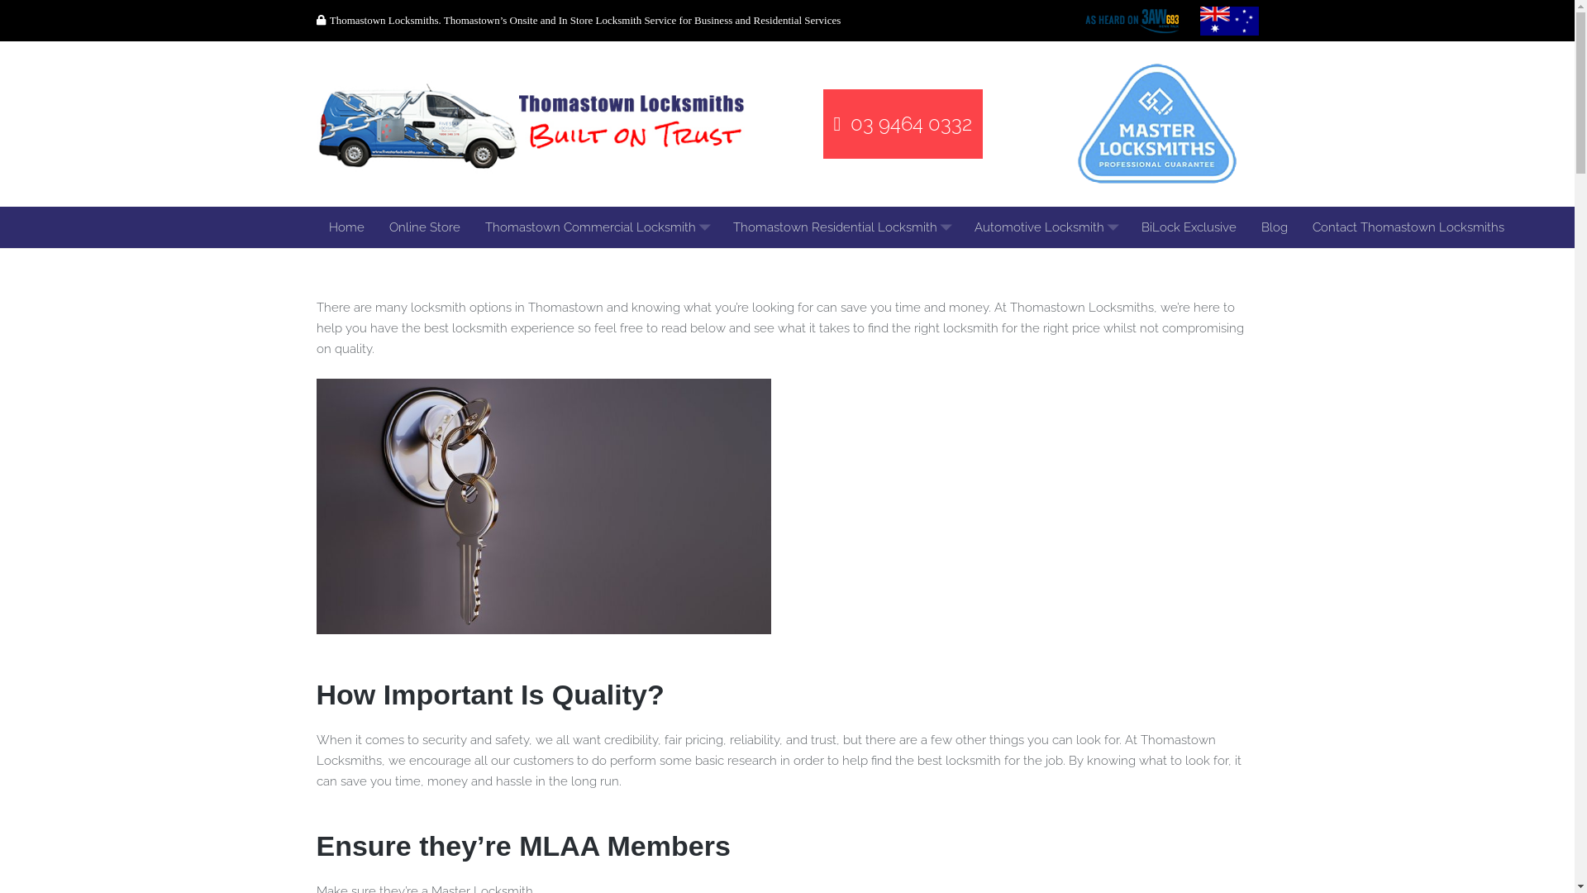  Describe the element at coordinates (345, 227) in the screenshot. I see `'Home'` at that location.